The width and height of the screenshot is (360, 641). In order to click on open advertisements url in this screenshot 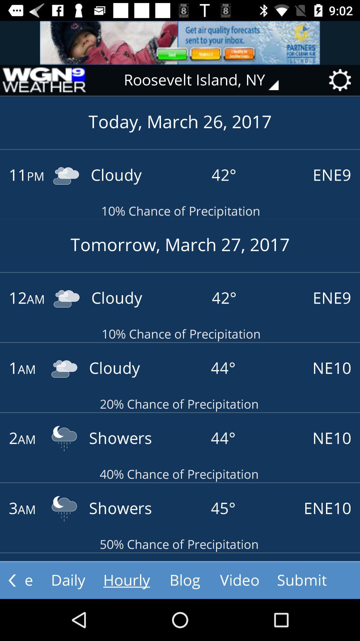, I will do `click(180, 42)`.